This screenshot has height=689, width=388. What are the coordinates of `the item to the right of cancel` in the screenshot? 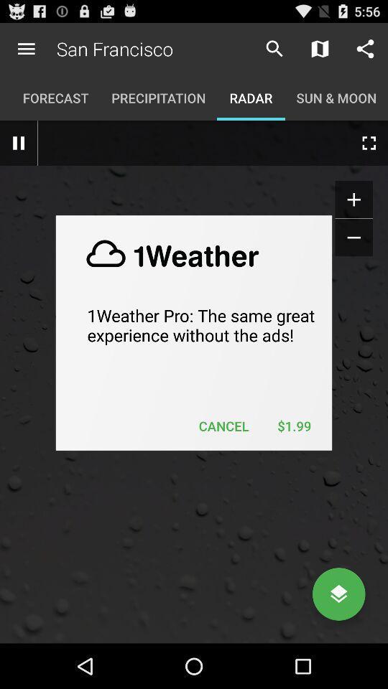 It's located at (293, 426).